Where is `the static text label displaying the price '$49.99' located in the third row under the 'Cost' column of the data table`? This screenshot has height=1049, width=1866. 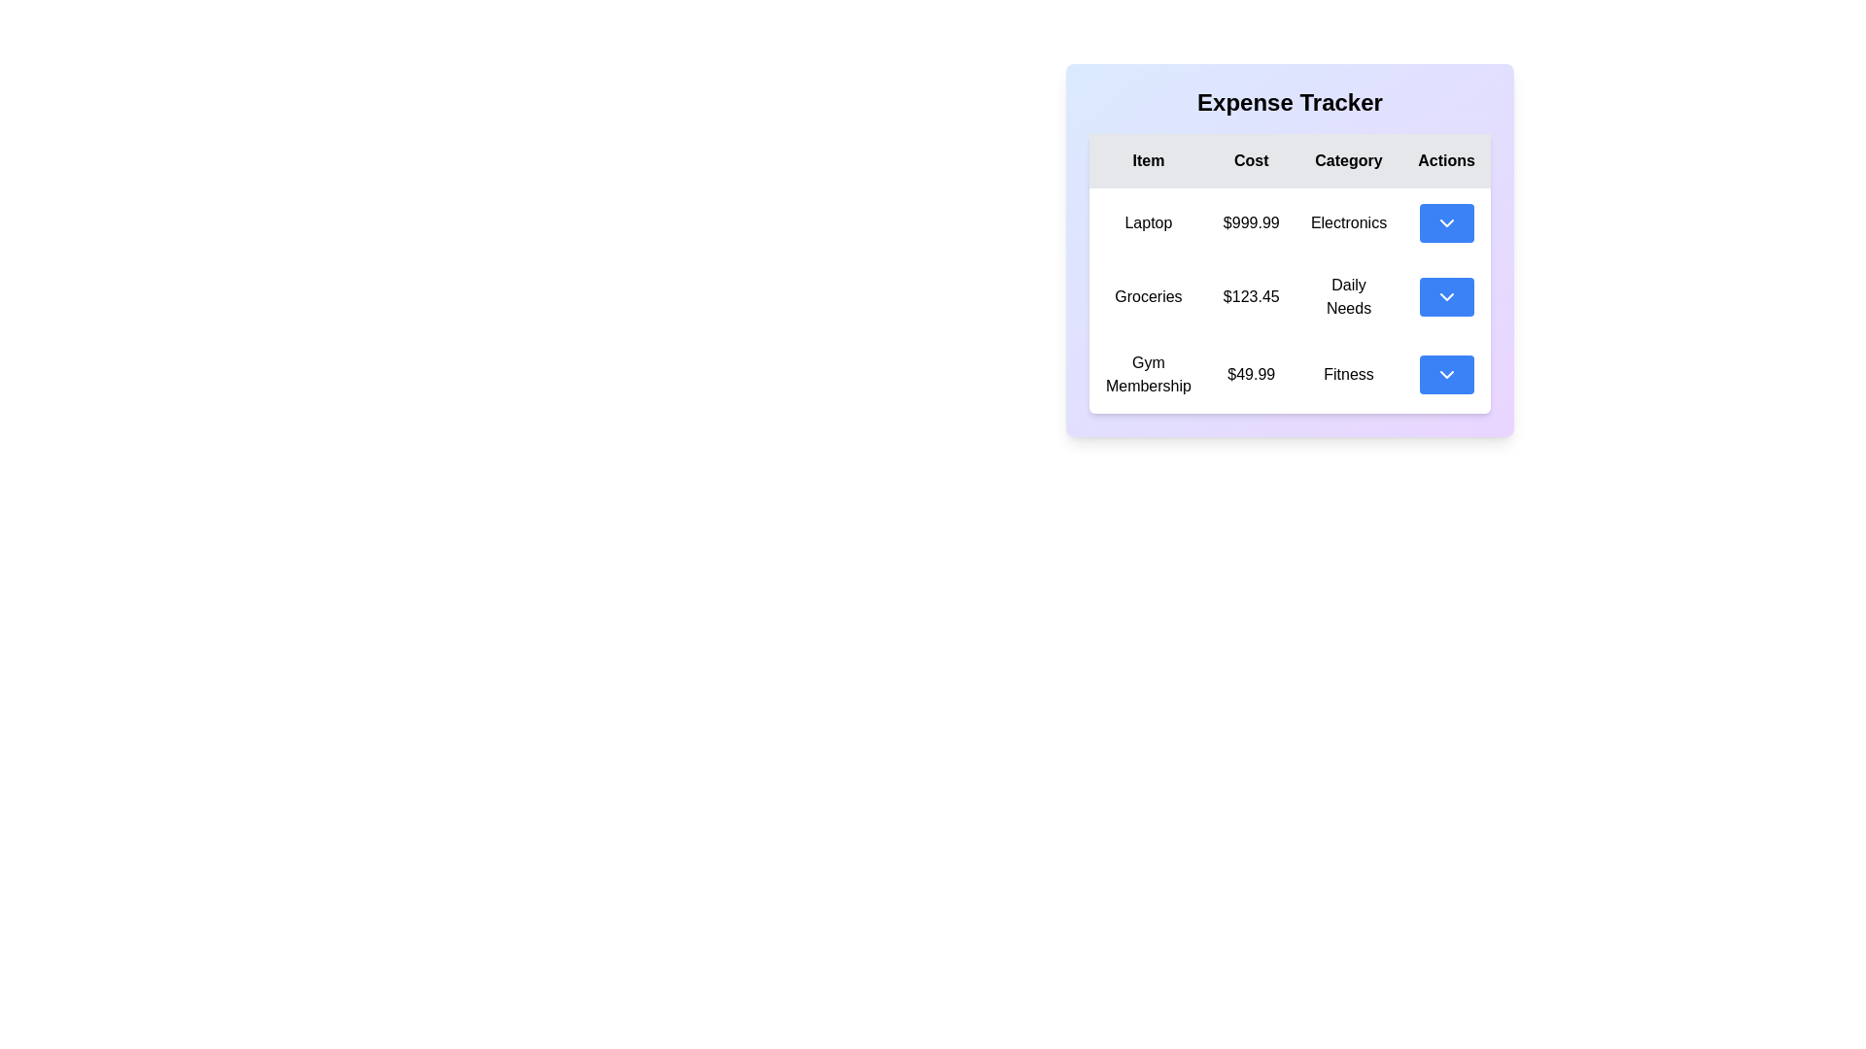 the static text label displaying the price '$49.99' located in the third row under the 'Cost' column of the data table is located at coordinates (1251, 374).